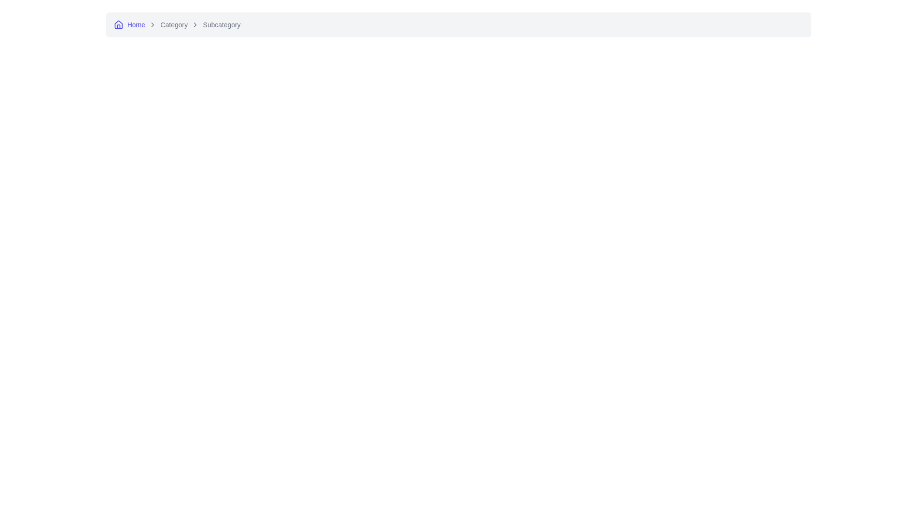 This screenshot has width=919, height=517. Describe the element at coordinates (195, 24) in the screenshot. I see `the separator icon in the breadcrumb navigation bar, which visually separates 'Category' and 'Subcategory' texts` at that location.